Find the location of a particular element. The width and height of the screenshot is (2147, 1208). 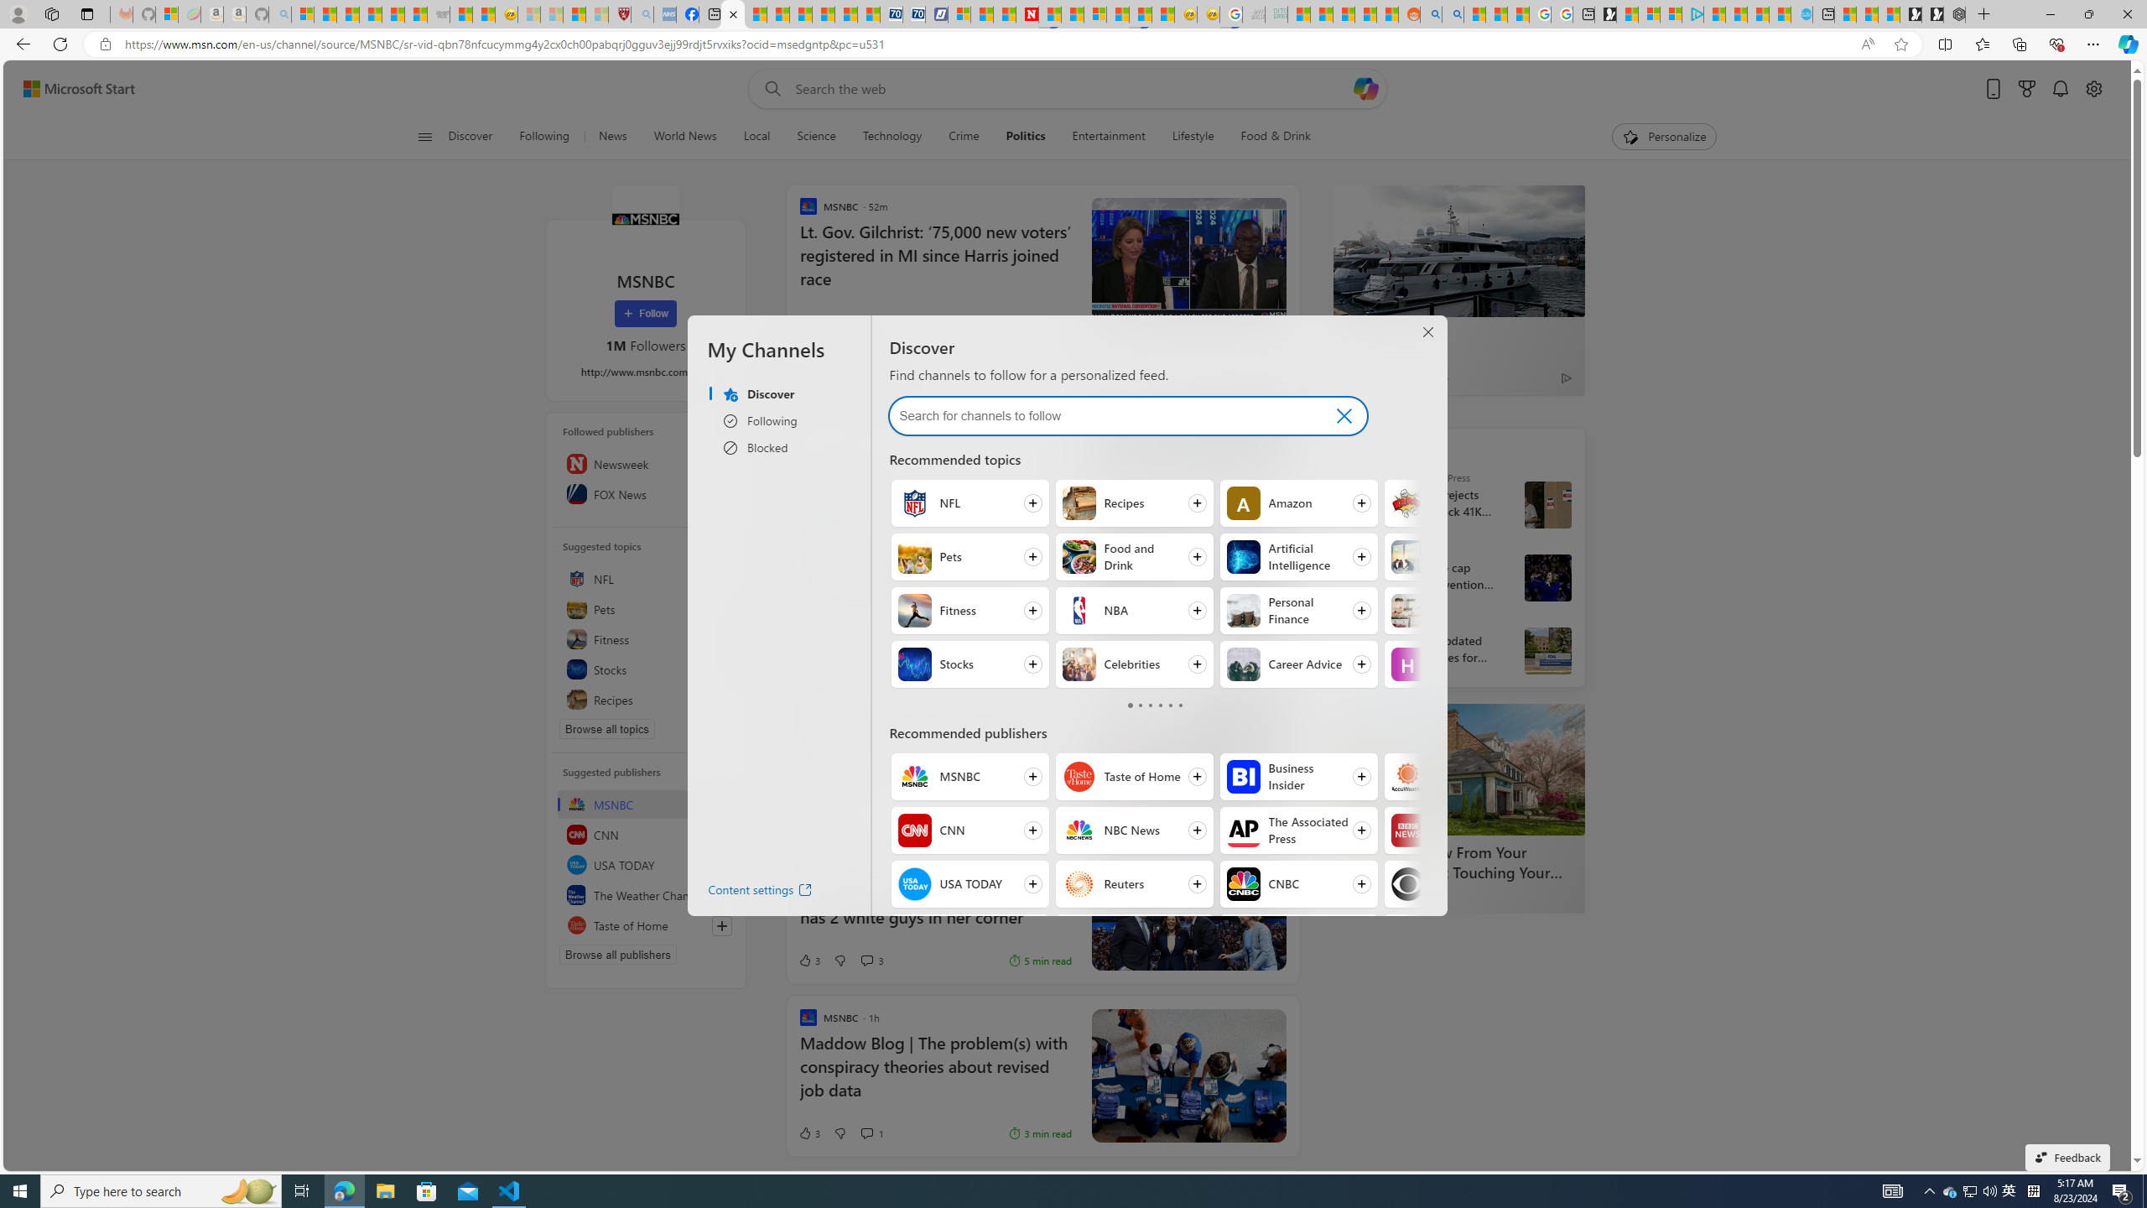

'14 Common Myths Debunked By Scientific Facts' is located at coordinates (1071, 13).